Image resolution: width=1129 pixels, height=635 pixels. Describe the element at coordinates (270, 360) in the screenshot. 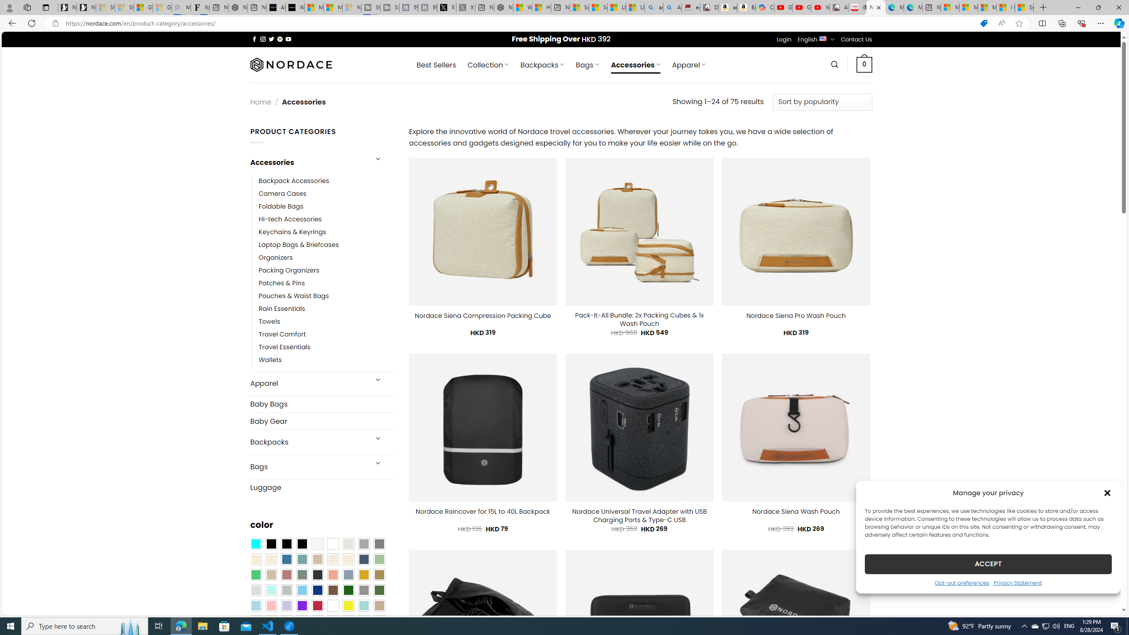

I see `'Wallets'` at that location.